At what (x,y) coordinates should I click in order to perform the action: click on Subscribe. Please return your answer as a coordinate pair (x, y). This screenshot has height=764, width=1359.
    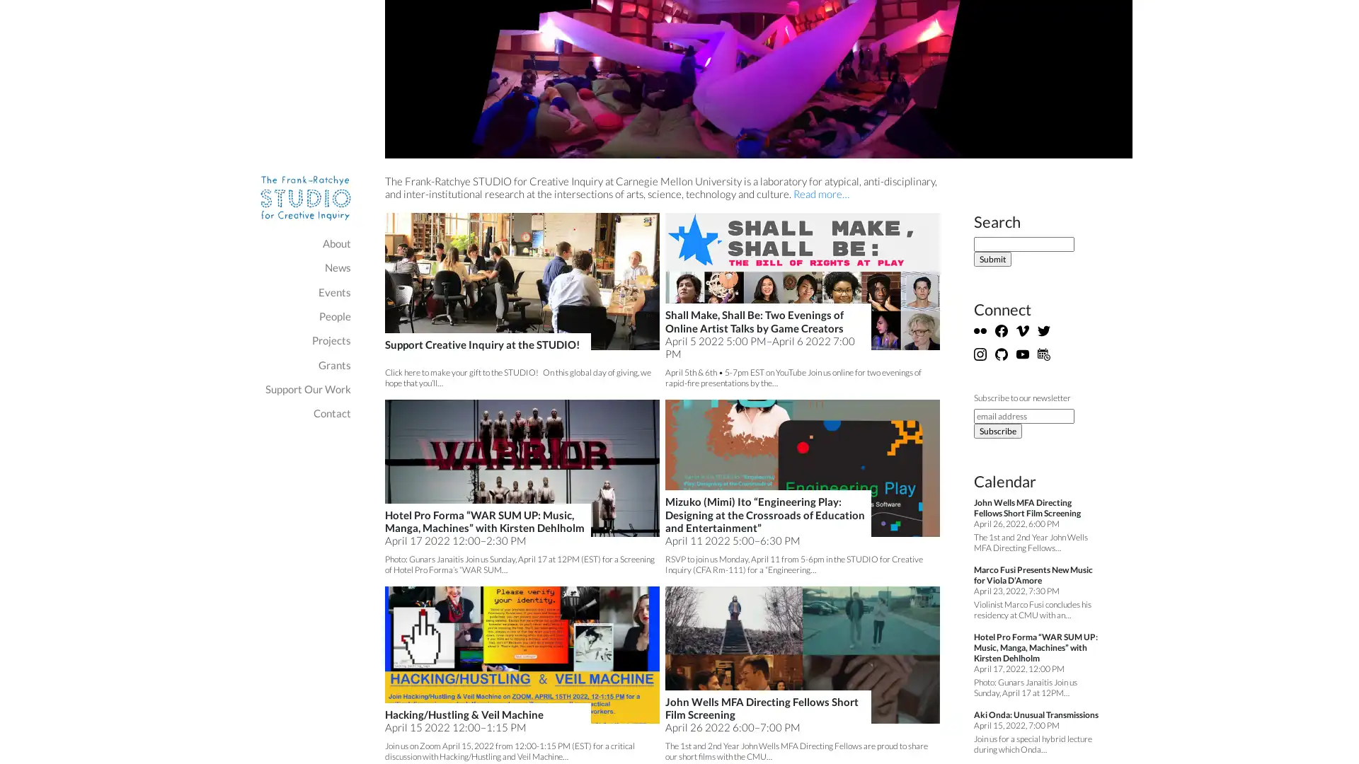
    Looking at the image, I should click on (997, 430).